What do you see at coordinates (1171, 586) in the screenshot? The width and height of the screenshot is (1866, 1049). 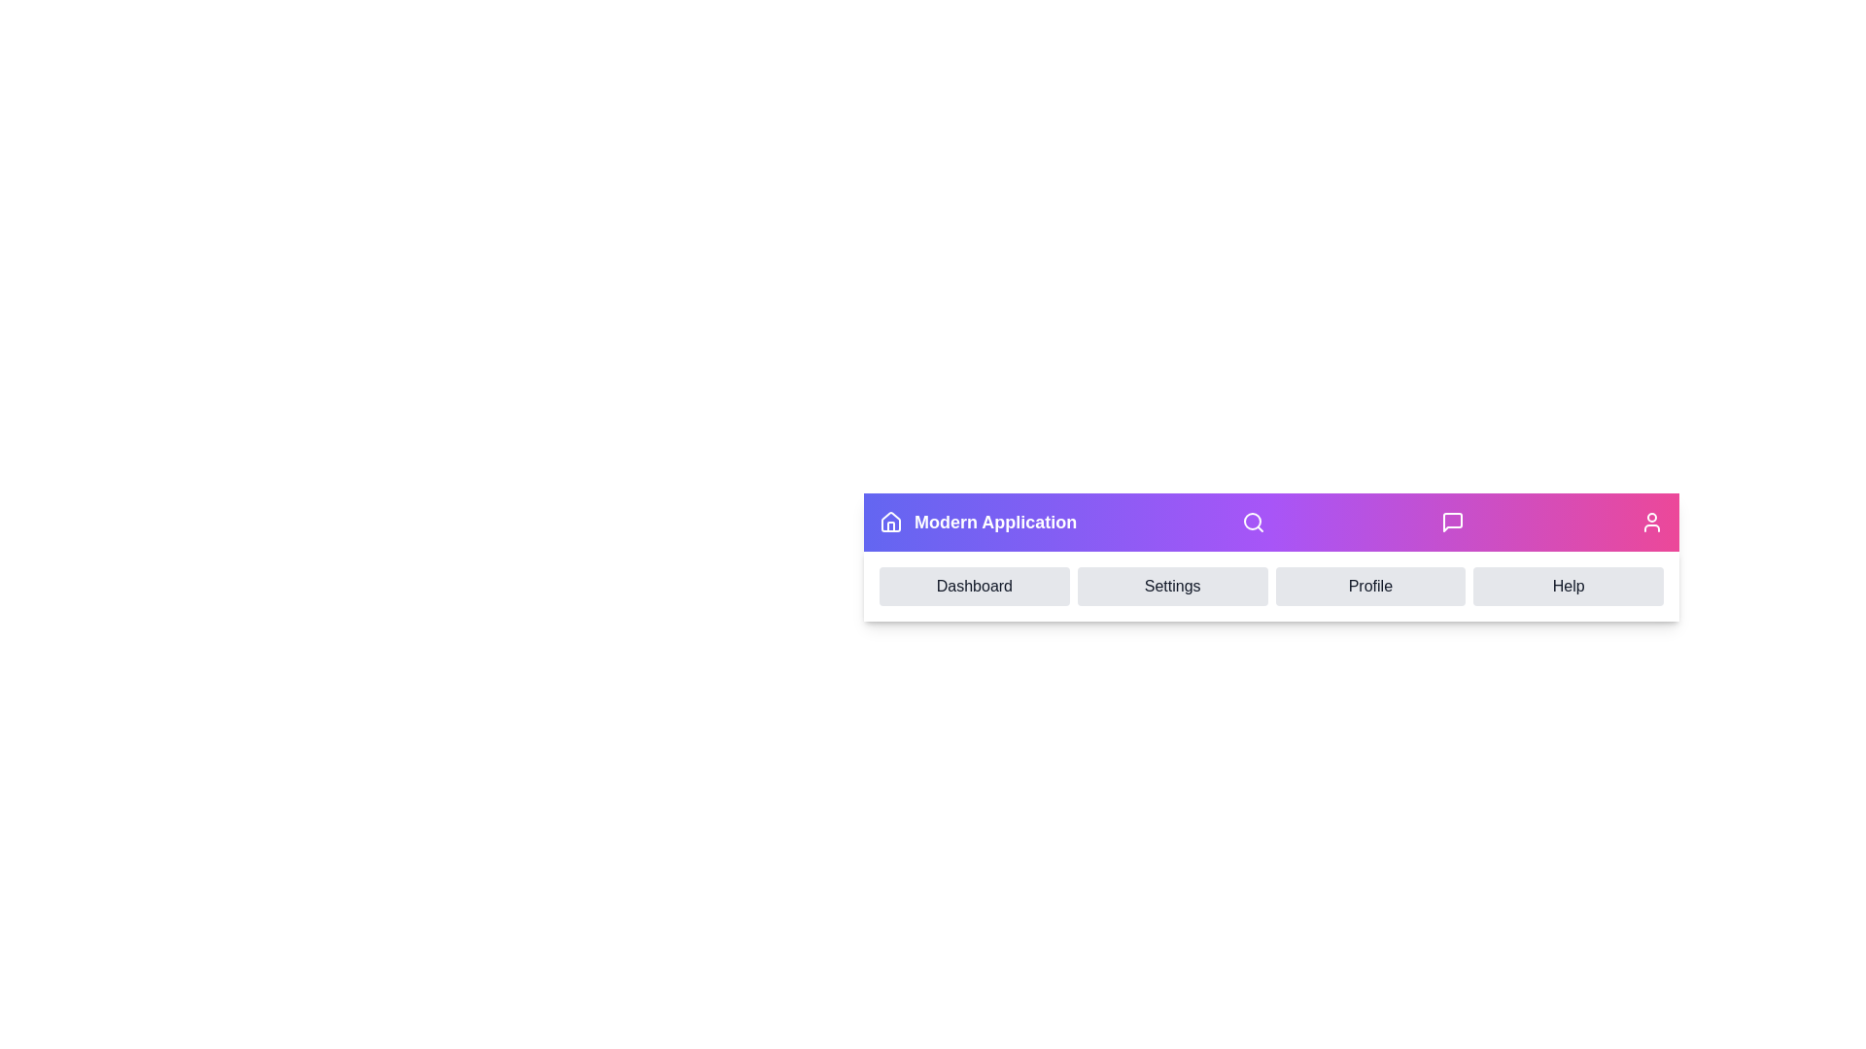 I see `the menu item Settings in the navigation menu` at bounding box center [1171, 586].